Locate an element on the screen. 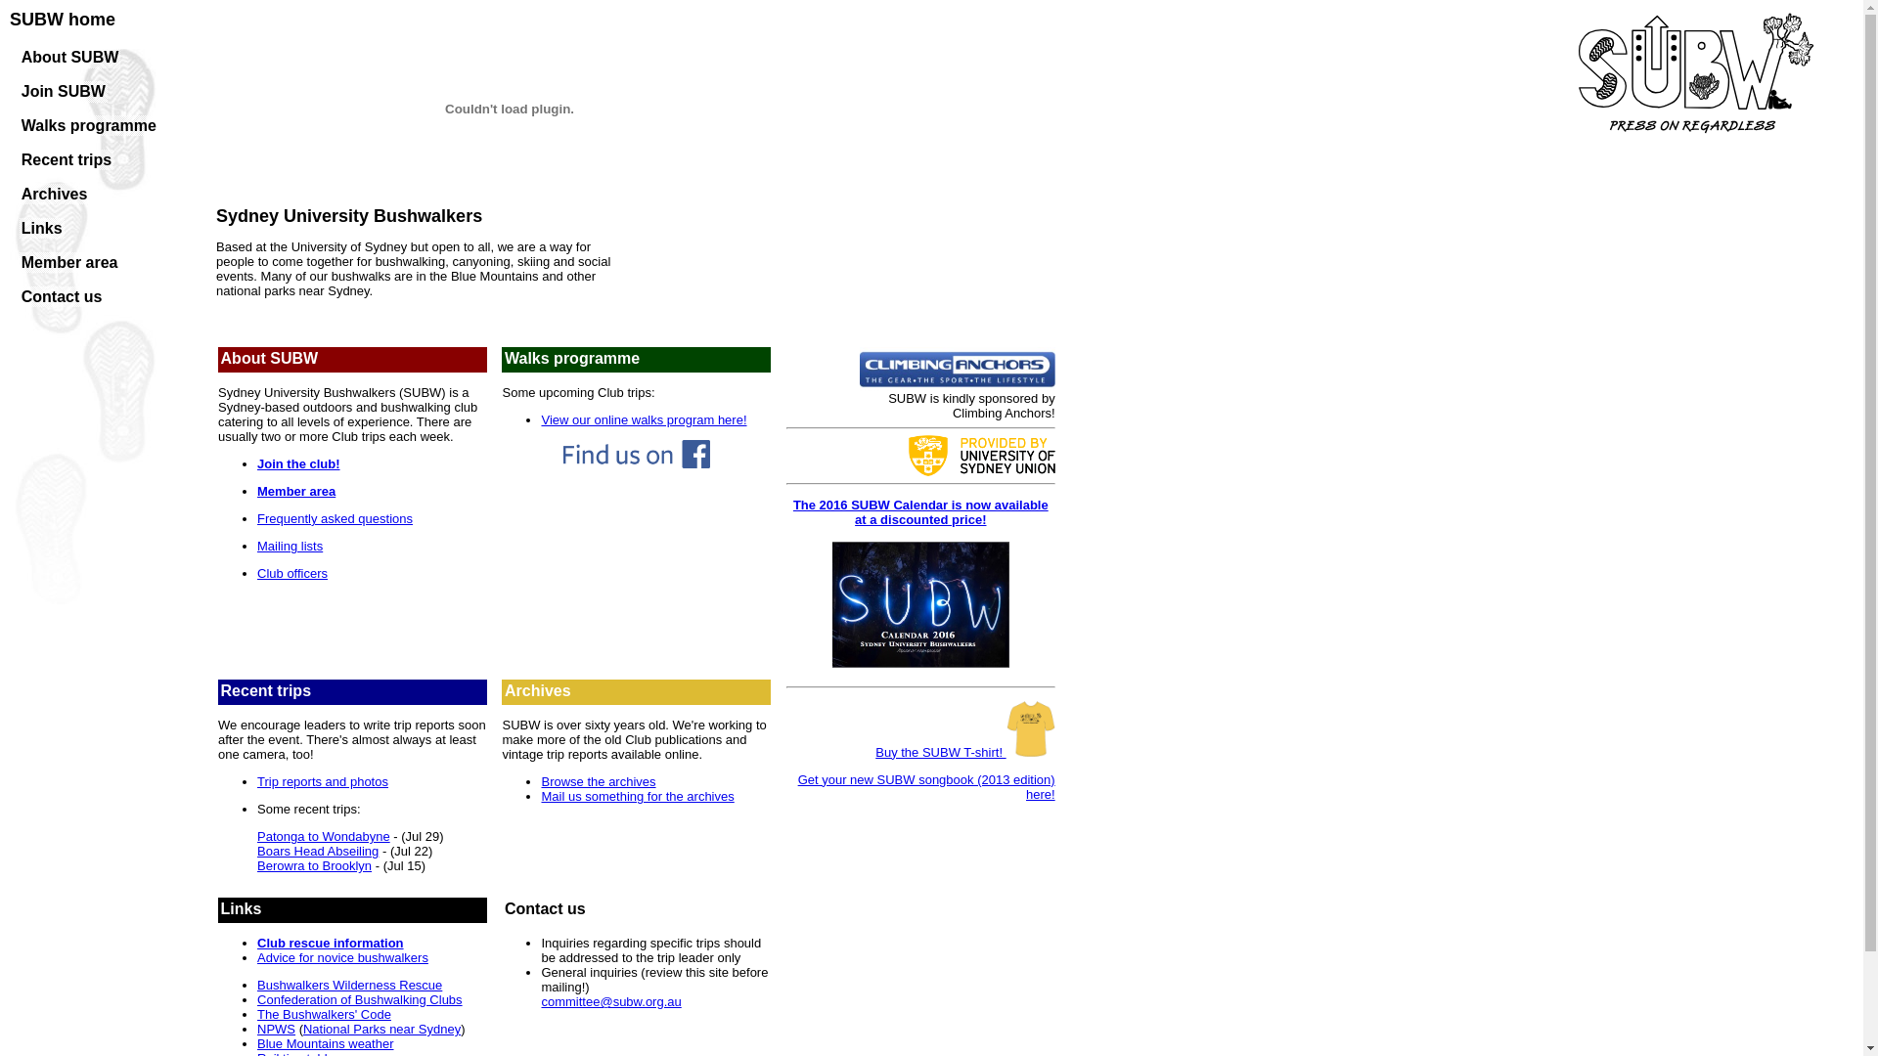 This screenshot has height=1056, width=1878. 'Club officers' is located at coordinates (256, 572).